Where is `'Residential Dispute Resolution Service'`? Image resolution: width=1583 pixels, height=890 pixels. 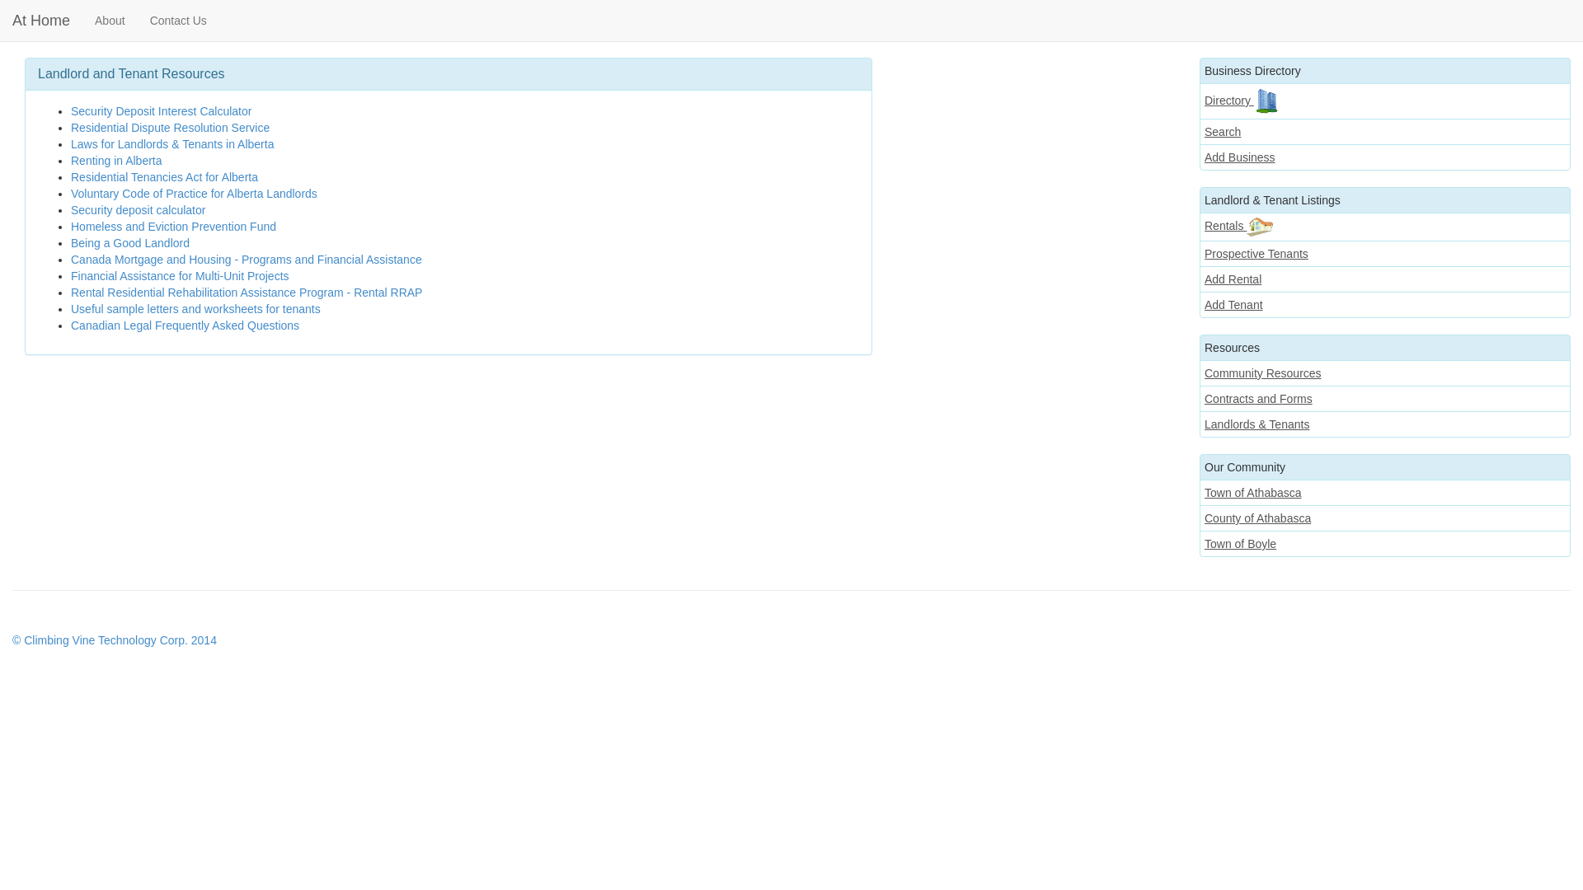 'Residential Dispute Resolution Service' is located at coordinates (170, 126).